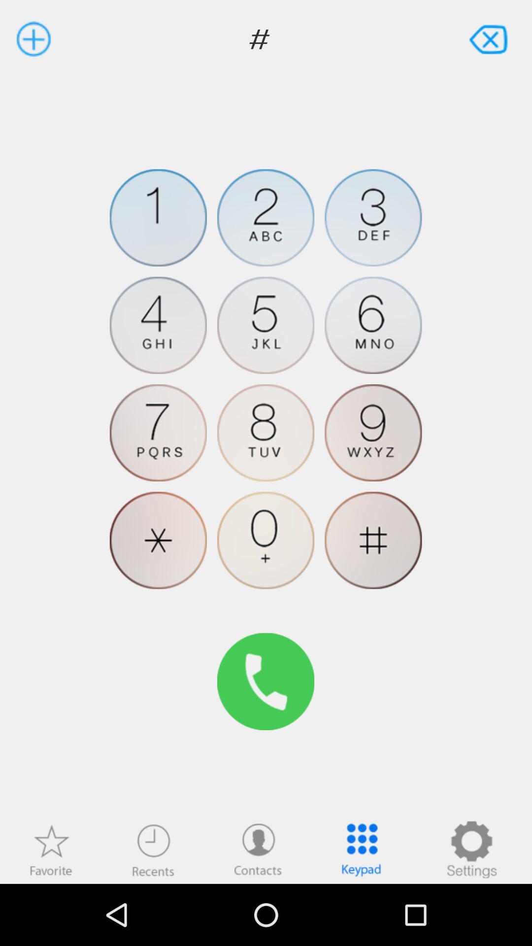 Image resolution: width=532 pixels, height=946 pixels. Describe the element at coordinates (265, 233) in the screenshot. I see `the help icon` at that location.